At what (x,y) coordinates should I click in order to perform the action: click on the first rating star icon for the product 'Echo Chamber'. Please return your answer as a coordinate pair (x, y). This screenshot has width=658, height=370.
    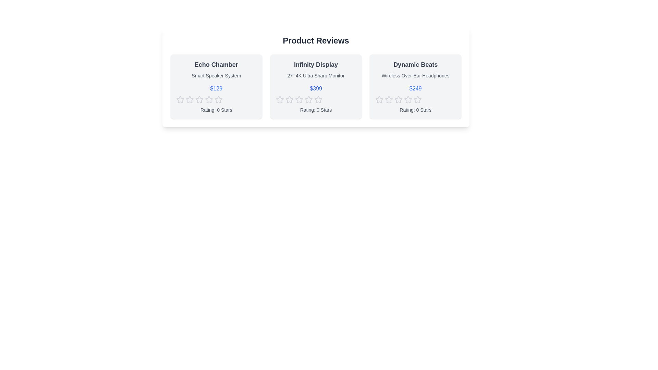
    Looking at the image, I should click on (180, 99).